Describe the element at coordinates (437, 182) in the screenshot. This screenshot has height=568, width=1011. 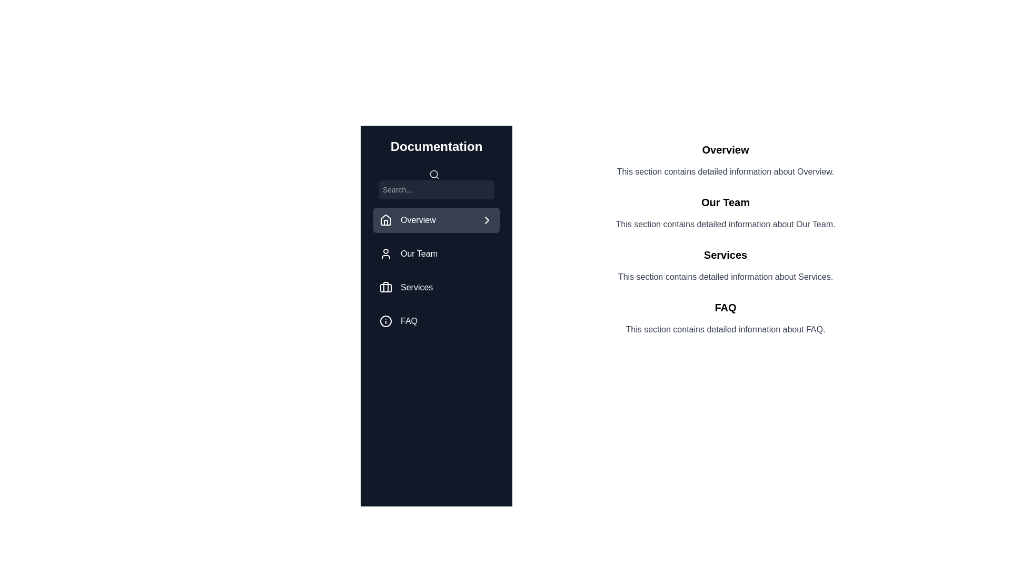
I see `the search icon located in the text input field for search queries, positioned below the 'Documentation' header` at that location.